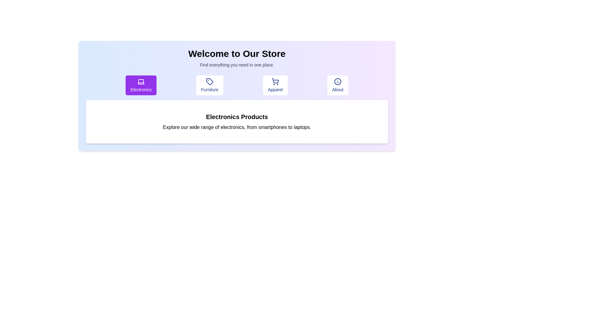 The height and width of the screenshot is (334, 594). Describe the element at coordinates (141, 85) in the screenshot. I see `the 'Electronics' category button located in the top-left section of a horizontal row of buttons` at that location.